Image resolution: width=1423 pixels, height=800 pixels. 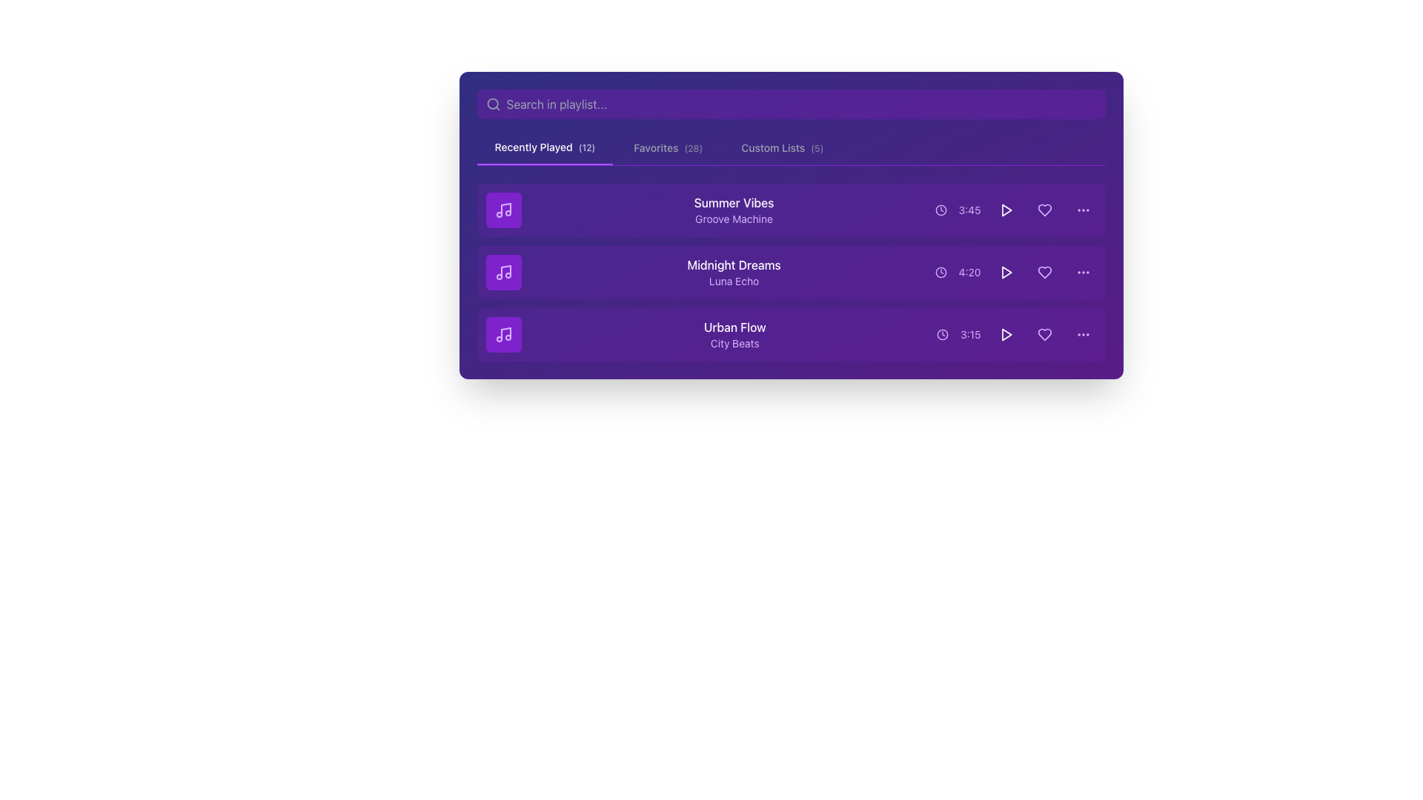 What do you see at coordinates (942, 334) in the screenshot?
I see `the circular outer boundary of the clock icon, which is located to the right of the 'Urban Flow' playlist entry` at bounding box center [942, 334].